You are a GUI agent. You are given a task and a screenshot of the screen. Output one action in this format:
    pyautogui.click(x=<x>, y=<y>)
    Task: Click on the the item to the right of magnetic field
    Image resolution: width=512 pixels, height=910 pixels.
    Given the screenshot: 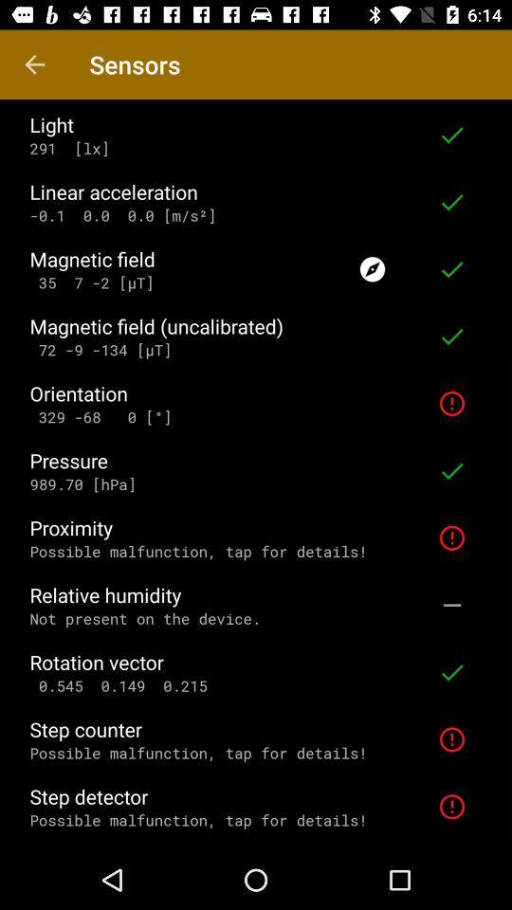 What is the action you would take?
    pyautogui.click(x=373, y=268)
    